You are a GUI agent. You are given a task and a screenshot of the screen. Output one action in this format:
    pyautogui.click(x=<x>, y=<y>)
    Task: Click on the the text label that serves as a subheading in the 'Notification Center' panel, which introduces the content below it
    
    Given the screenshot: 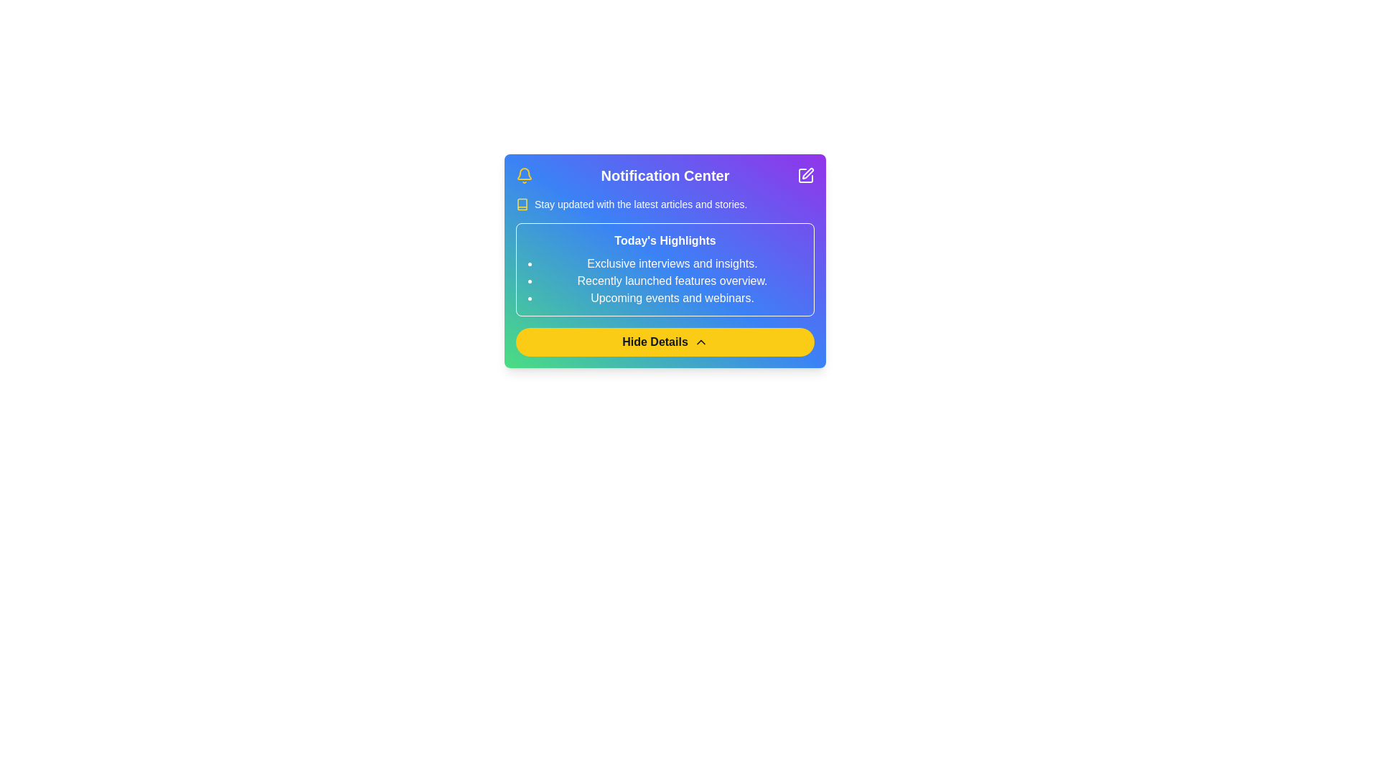 What is the action you would take?
    pyautogui.click(x=664, y=240)
    